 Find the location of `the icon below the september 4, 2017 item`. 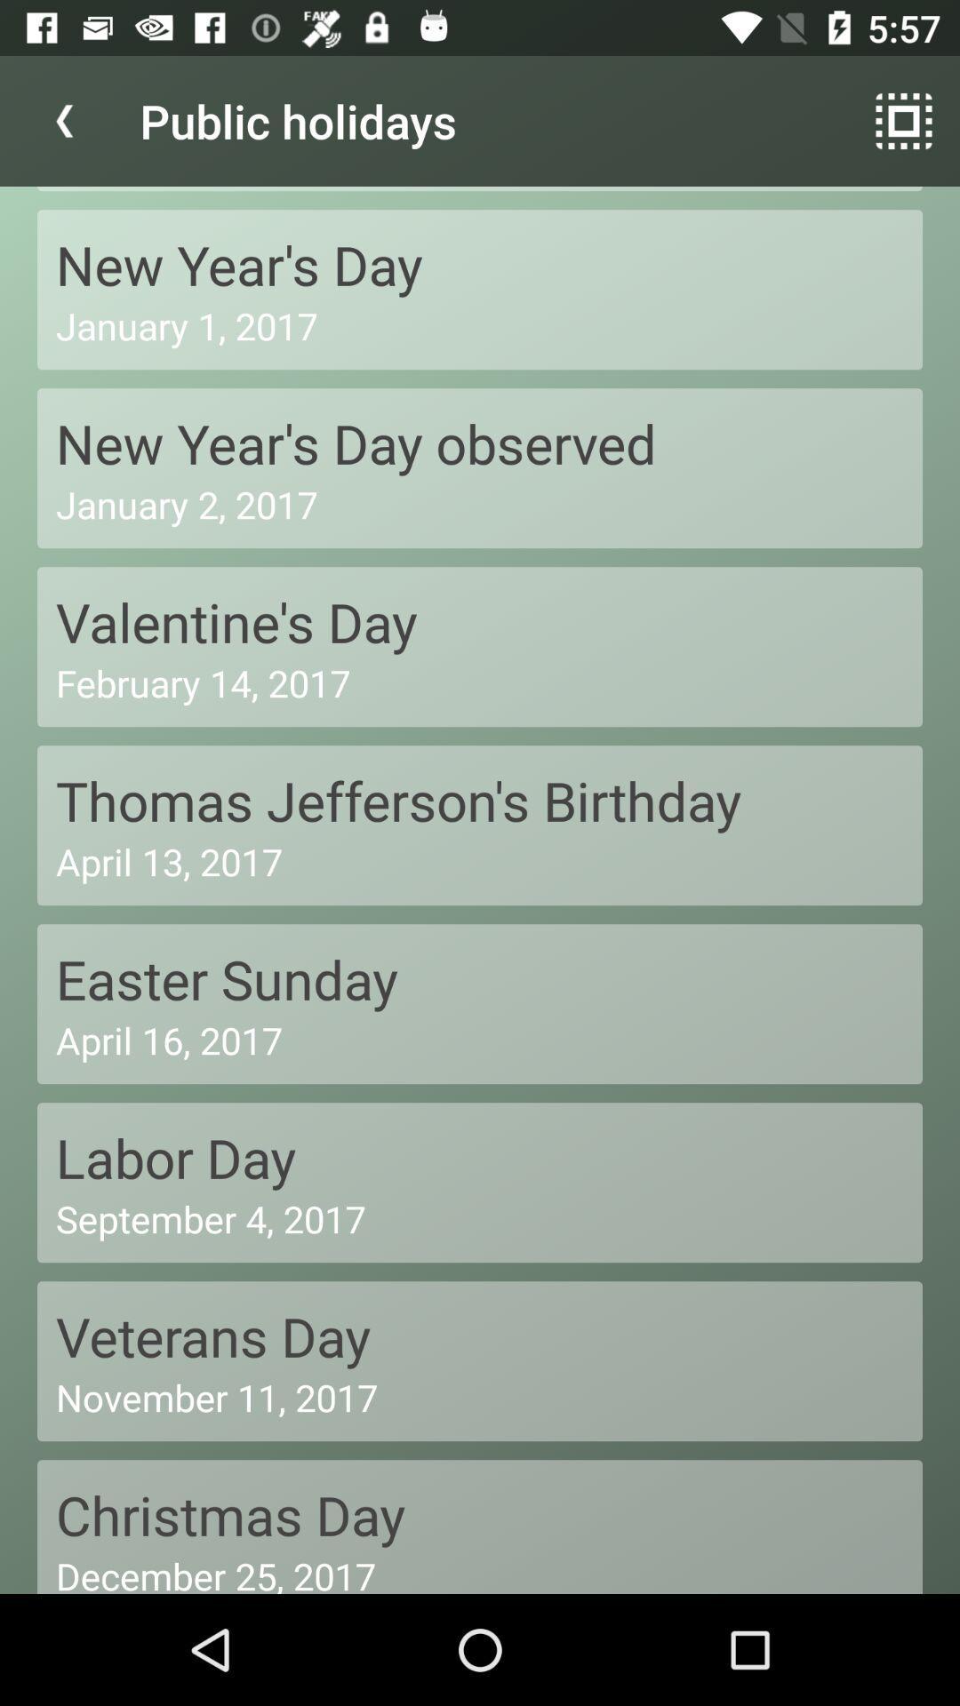

the icon below the september 4, 2017 item is located at coordinates (480, 1335).